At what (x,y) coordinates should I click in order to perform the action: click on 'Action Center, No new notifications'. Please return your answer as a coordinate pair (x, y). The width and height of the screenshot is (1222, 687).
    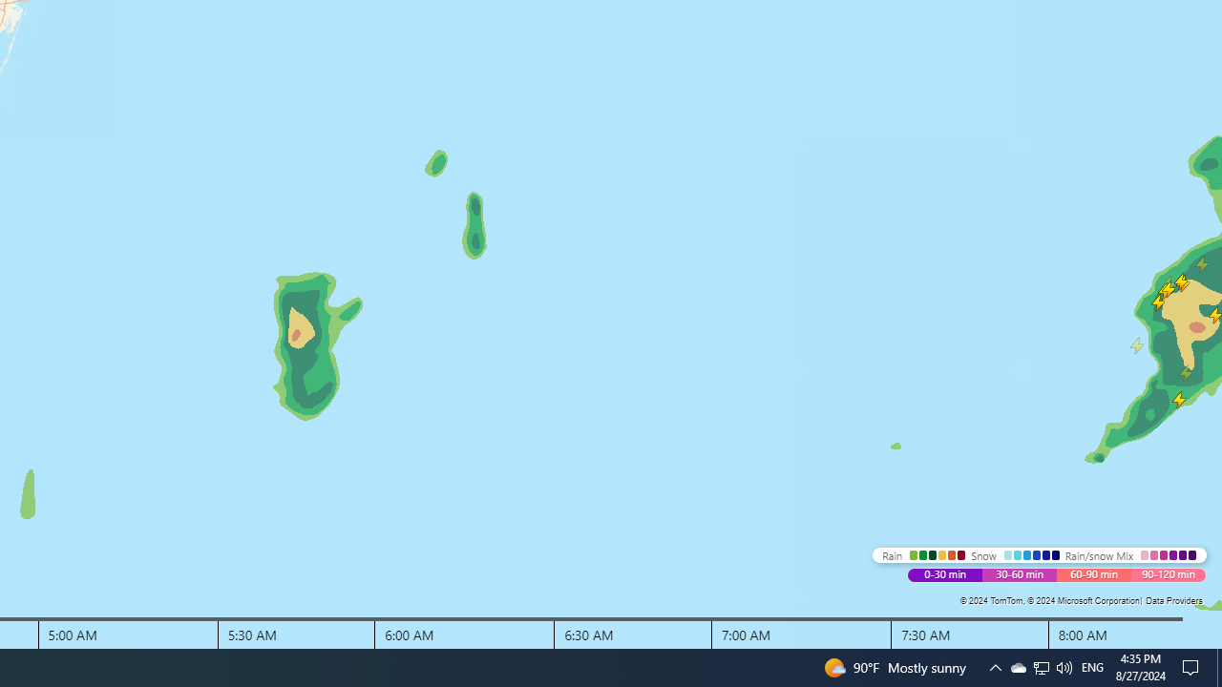
    Looking at the image, I should click on (1193, 666).